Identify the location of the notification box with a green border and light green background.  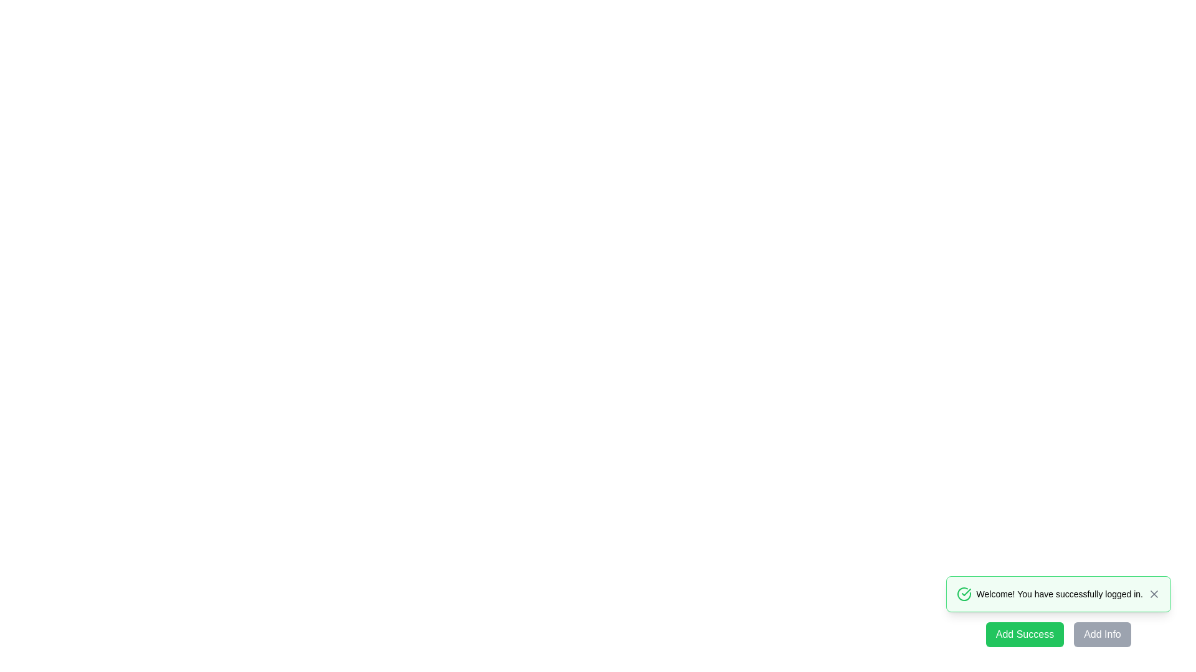
(1058, 611).